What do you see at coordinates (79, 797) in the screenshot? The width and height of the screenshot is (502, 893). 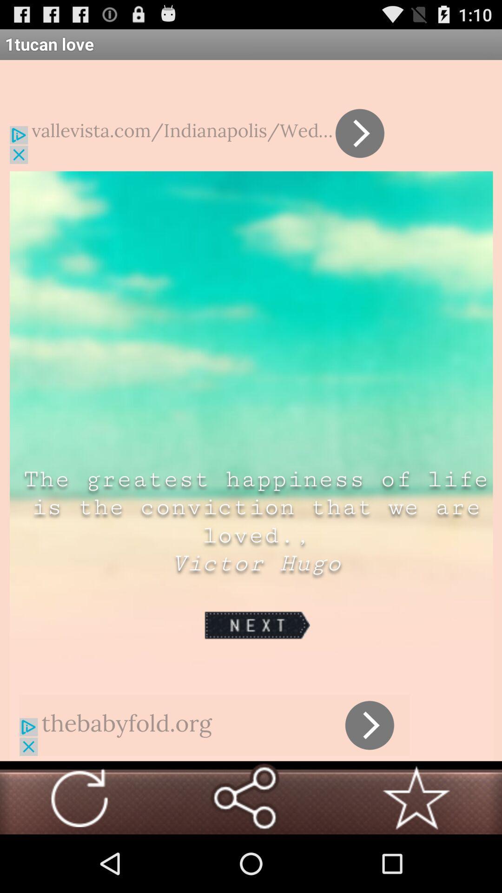 I see `replay button` at bounding box center [79, 797].